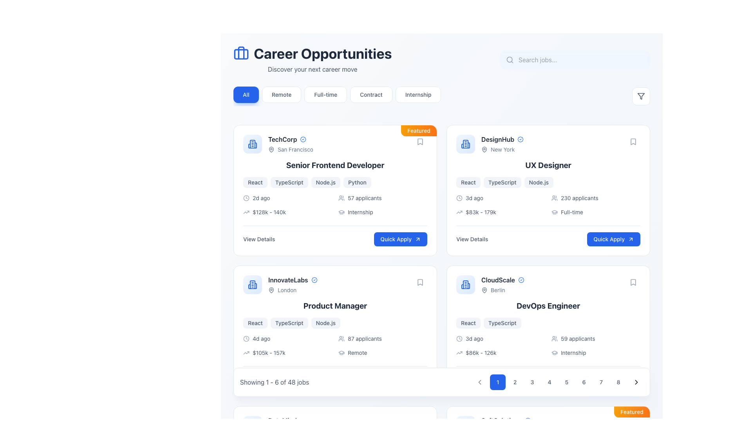 The image size is (752, 423). I want to click on the verified company name label located at the top-left corner of the job listing card for 'Senior Frontend Developer' to get more information about the company, so click(290, 139).